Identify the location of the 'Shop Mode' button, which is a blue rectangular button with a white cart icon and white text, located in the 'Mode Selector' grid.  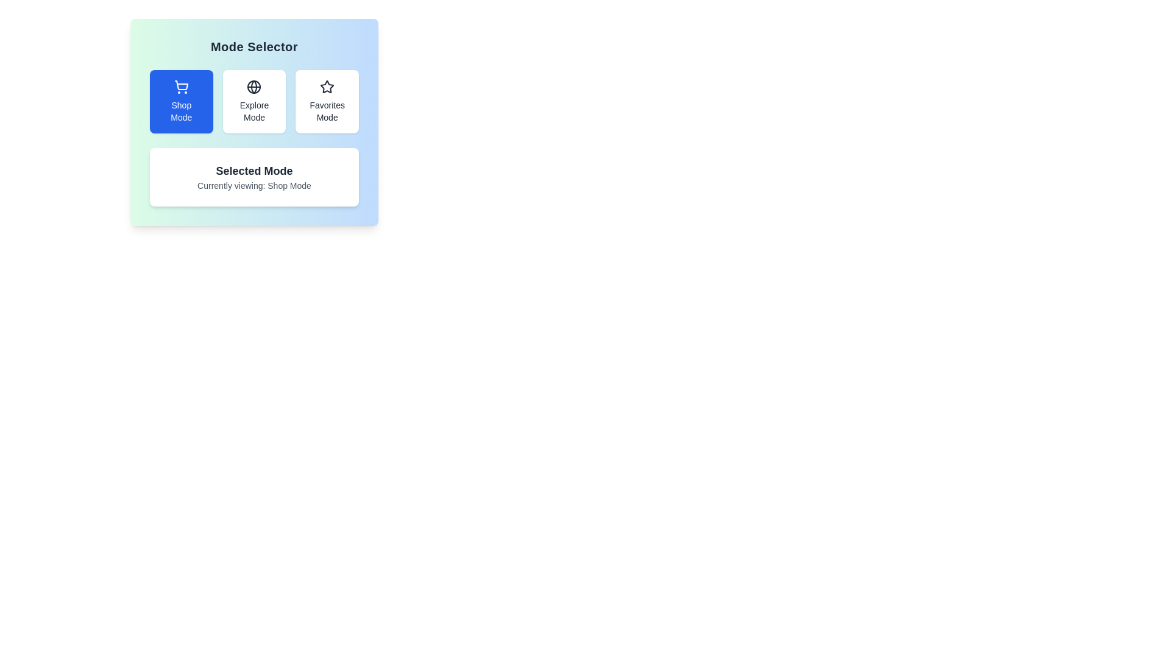
(180, 101).